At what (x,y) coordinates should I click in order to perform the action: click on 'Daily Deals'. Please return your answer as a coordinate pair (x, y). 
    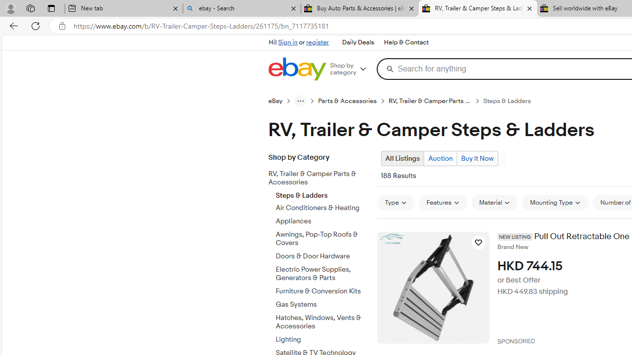
    Looking at the image, I should click on (357, 42).